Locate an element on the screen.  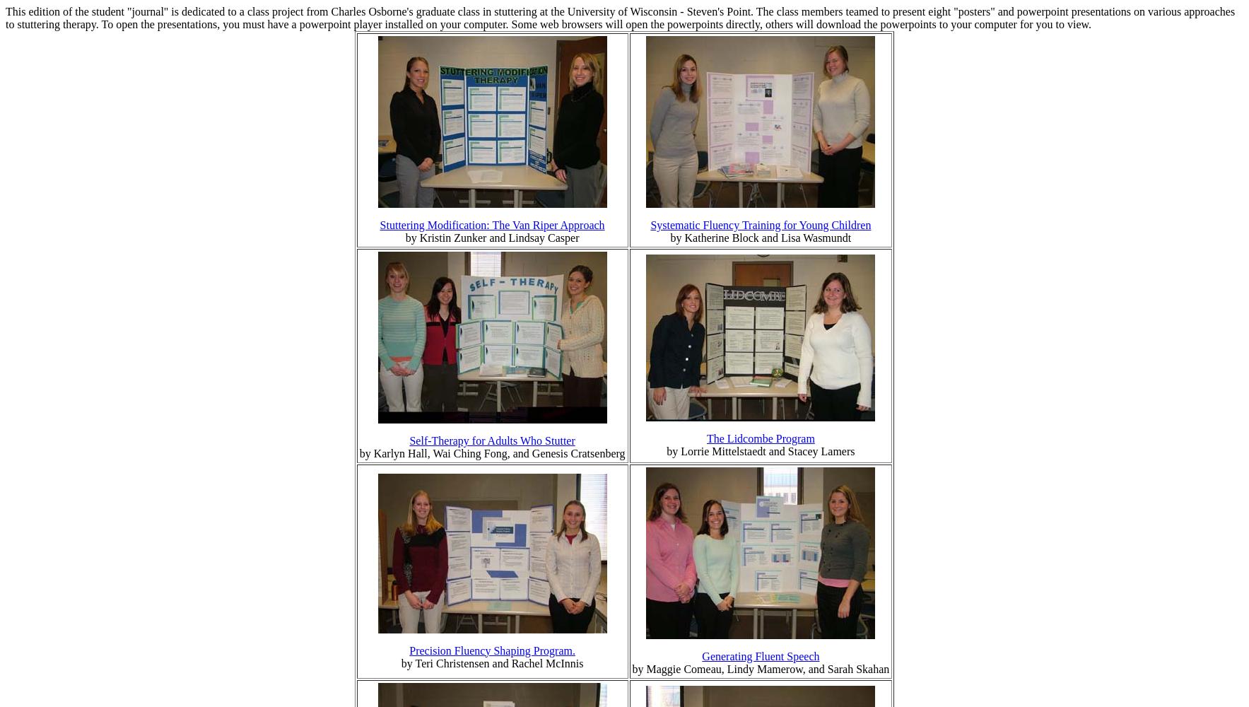
'Generating Fluent Speech' is located at coordinates (760, 656).